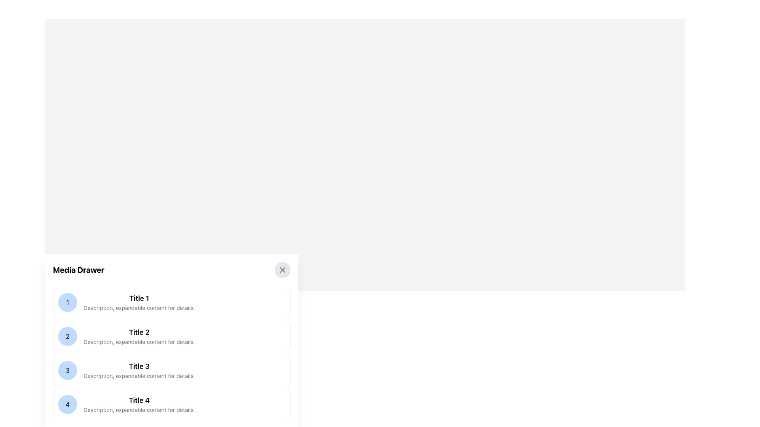 The image size is (760, 427). What do you see at coordinates (139, 410) in the screenshot?
I see `the static text label that reads 'Description, expandable content for details.' located beneath the heading 'Title 4'` at bounding box center [139, 410].